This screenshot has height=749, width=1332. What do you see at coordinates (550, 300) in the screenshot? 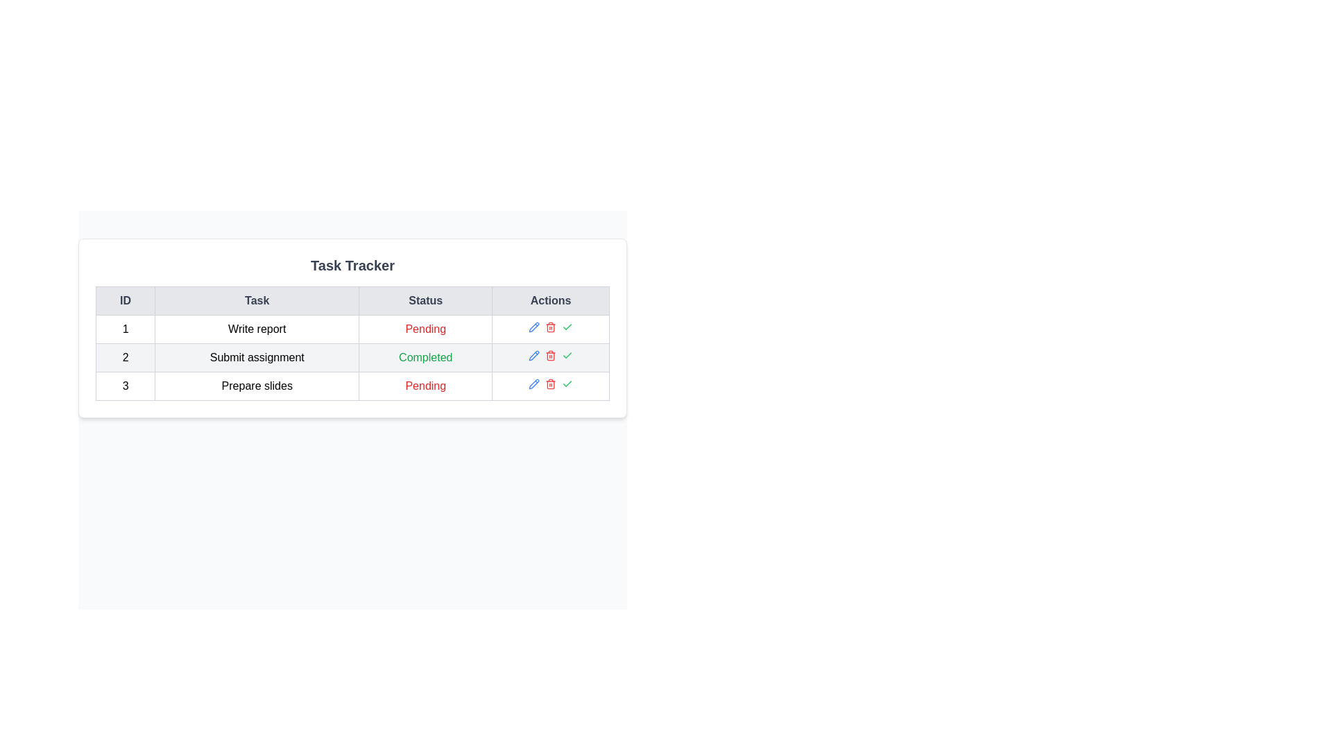
I see `the column header Actions to sort the tasks` at bounding box center [550, 300].